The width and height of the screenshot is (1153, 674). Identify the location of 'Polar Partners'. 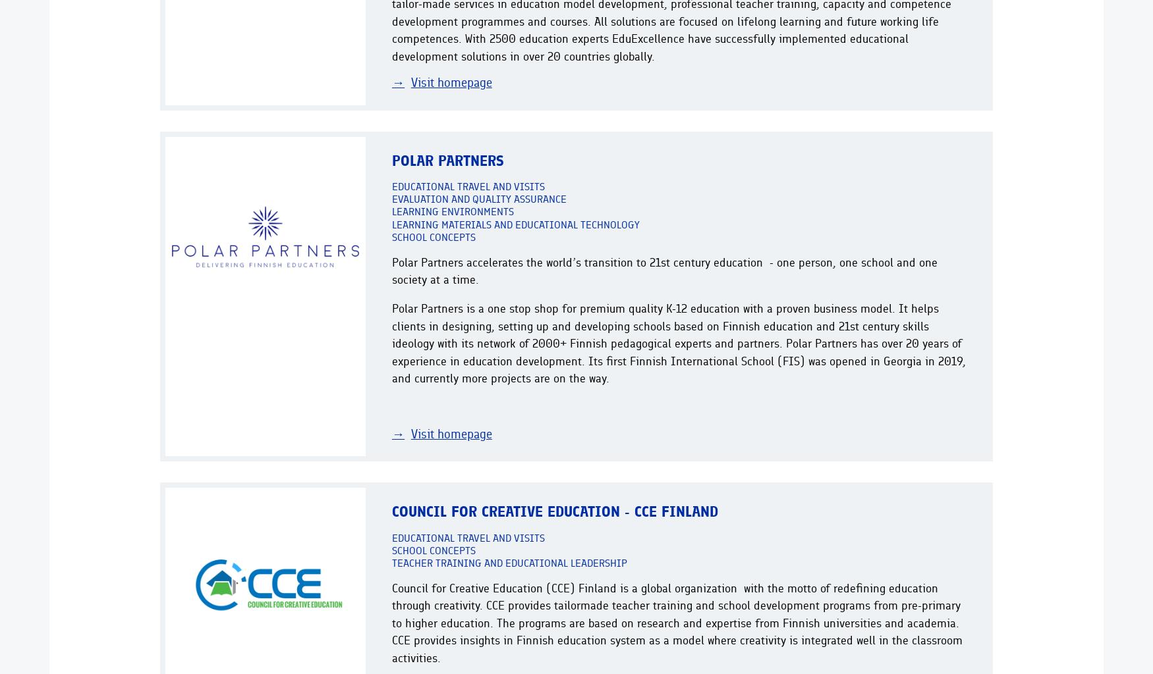
(447, 159).